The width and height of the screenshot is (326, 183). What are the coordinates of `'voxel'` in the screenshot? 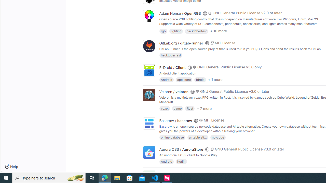 It's located at (165, 108).